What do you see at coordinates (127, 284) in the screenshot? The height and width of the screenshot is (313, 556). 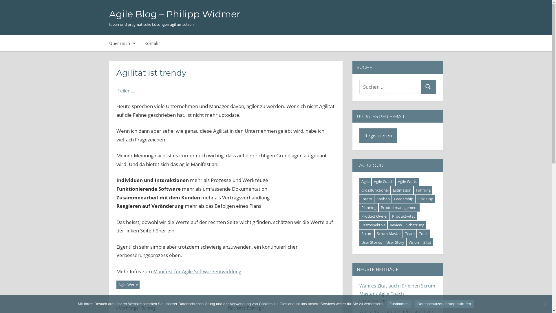 I see `'Agile Werte'` at bounding box center [127, 284].